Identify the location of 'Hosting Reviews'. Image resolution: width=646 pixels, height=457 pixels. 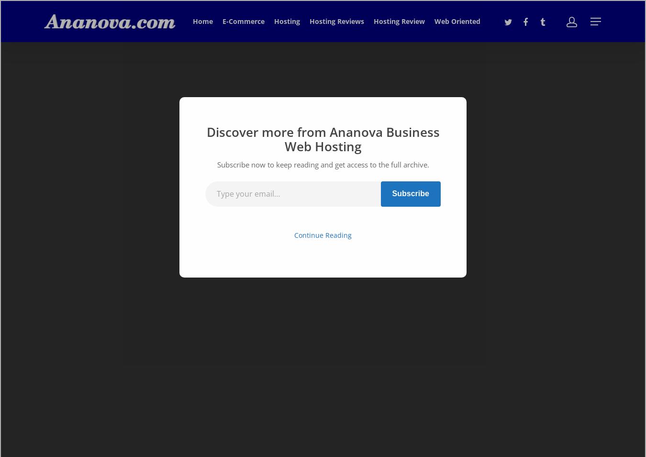
(310, 21).